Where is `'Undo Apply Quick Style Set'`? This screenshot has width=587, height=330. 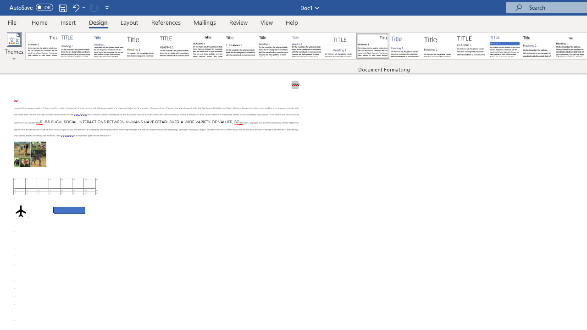 'Undo Apply Quick Style Set' is located at coordinates (75, 7).